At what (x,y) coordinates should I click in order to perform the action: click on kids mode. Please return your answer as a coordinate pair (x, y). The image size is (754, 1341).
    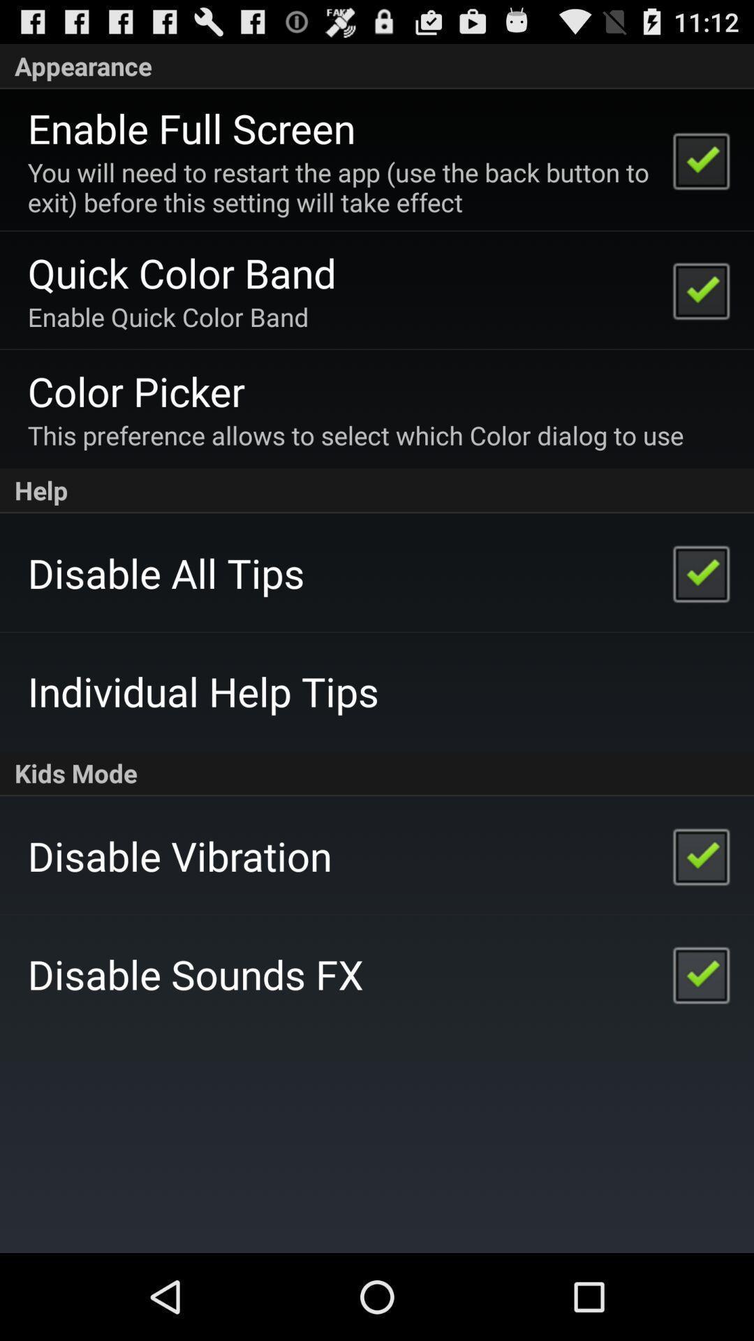
    Looking at the image, I should click on (377, 772).